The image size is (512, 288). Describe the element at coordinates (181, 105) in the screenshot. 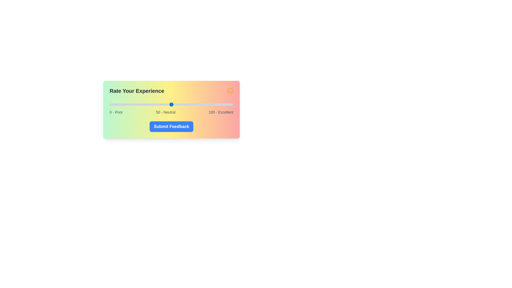

I see `the satisfaction slider to 58 value` at that location.